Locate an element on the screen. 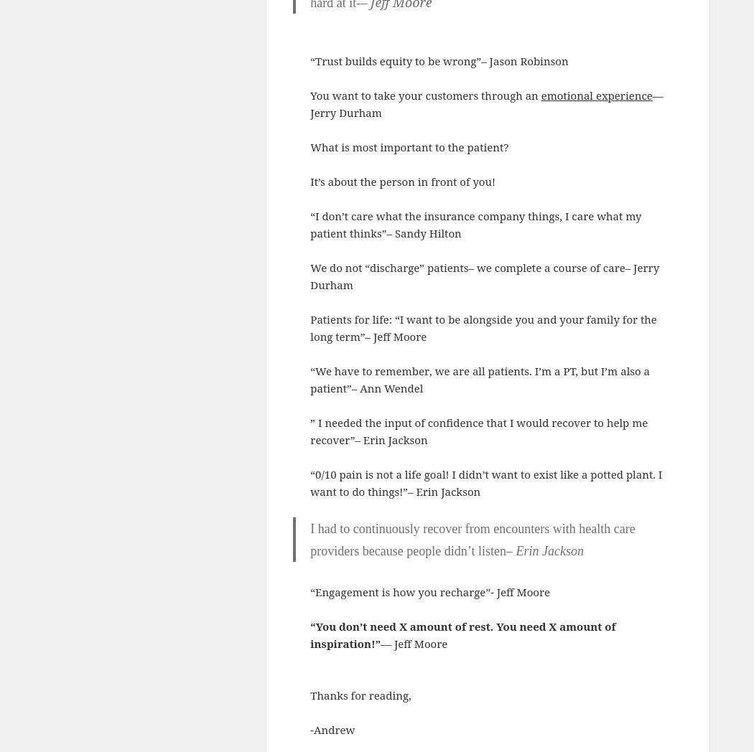 The image size is (754, 752). 'You want to take your customers through an' is located at coordinates (424, 95).